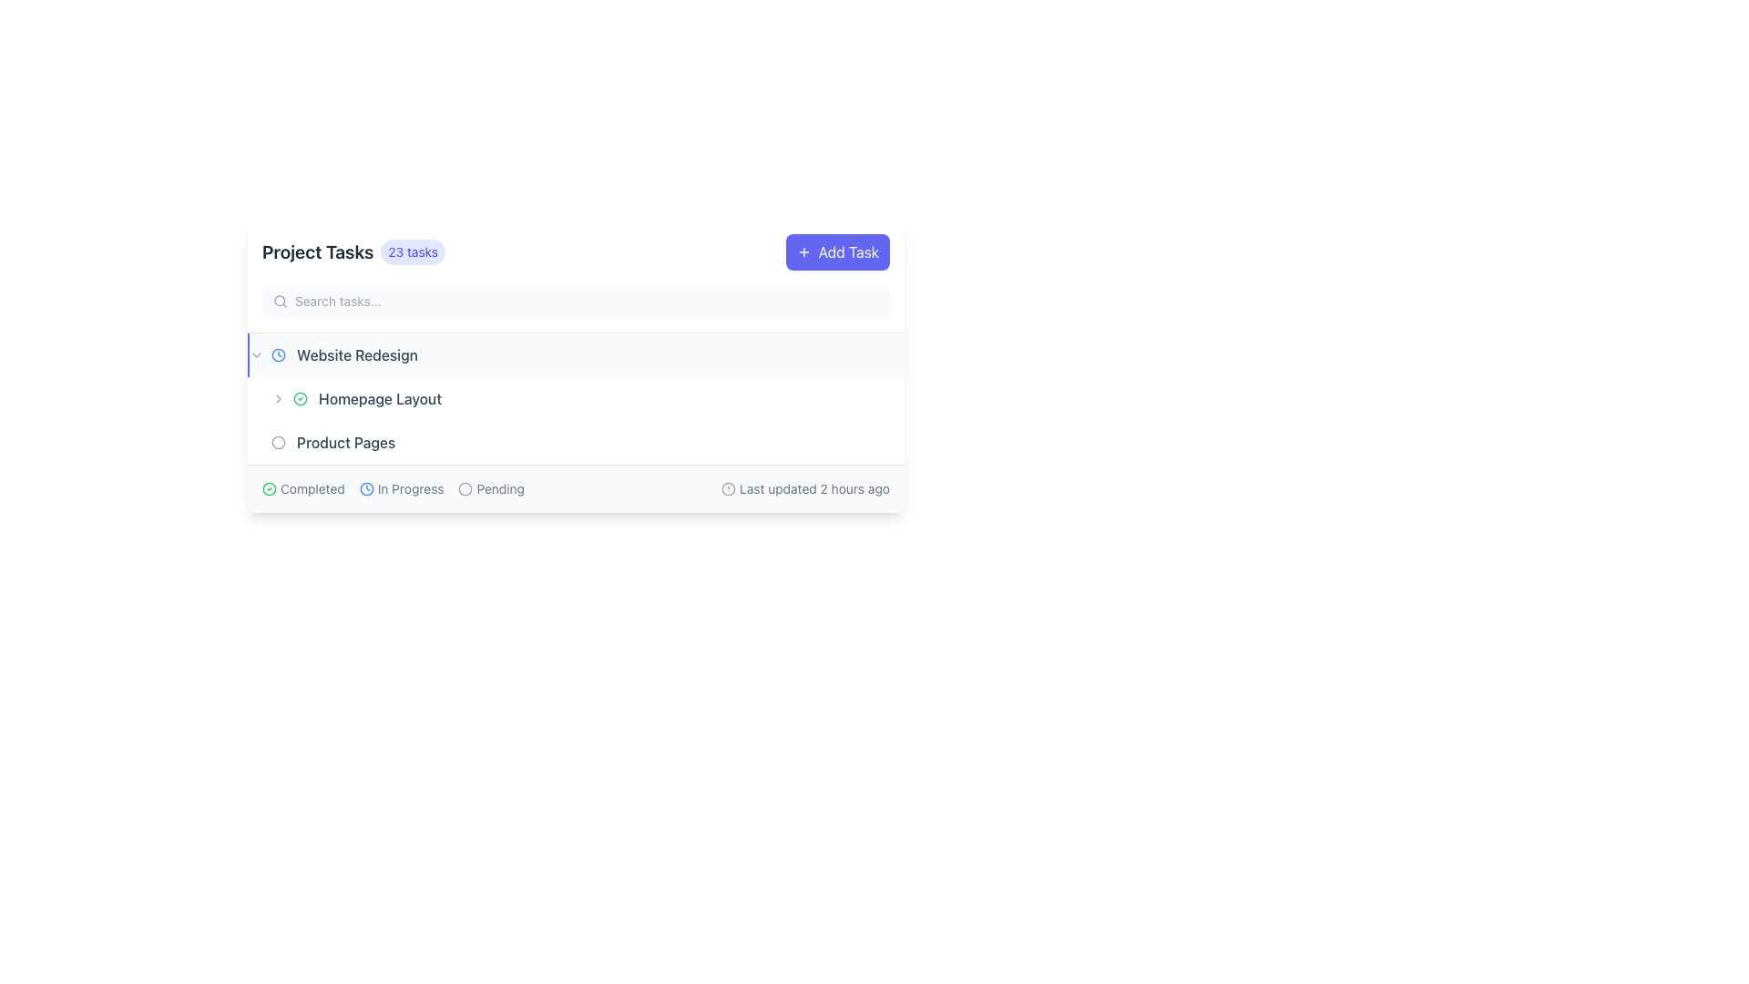  What do you see at coordinates (412, 252) in the screenshot?
I see `the numeric indicator Text label with a decorative background, which is located immediately to the right of the 'Project Tasks' title` at bounding box center [412, 252].